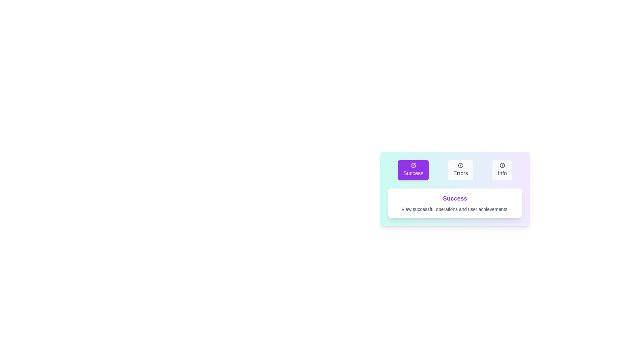 The width and height of the screenshot is (641, 361). I want to click on the tab labeled Success to observe its hover effects, so click(413, 170).